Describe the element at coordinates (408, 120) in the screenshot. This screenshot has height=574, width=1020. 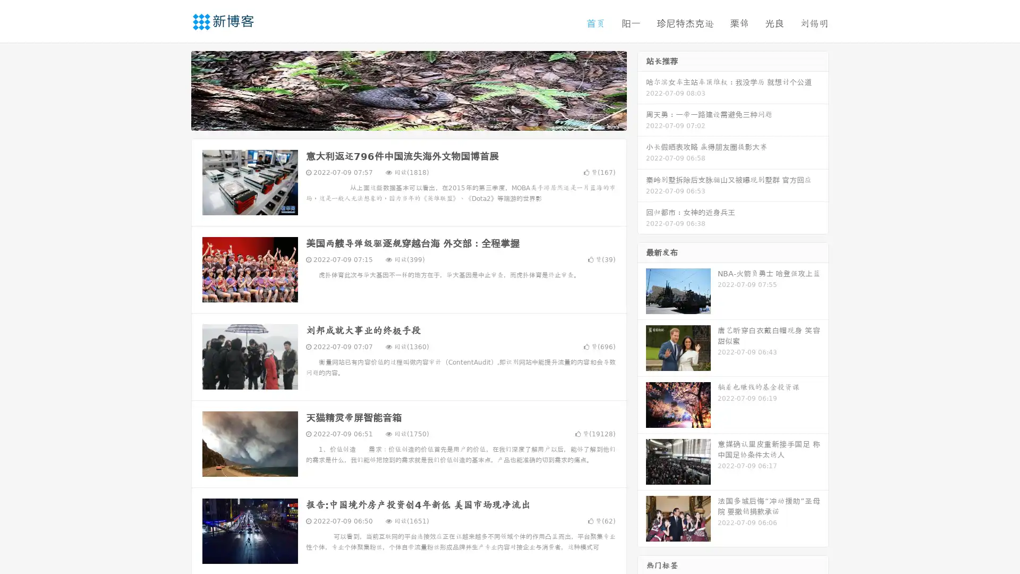
I see `Go to slide 2` at that location.